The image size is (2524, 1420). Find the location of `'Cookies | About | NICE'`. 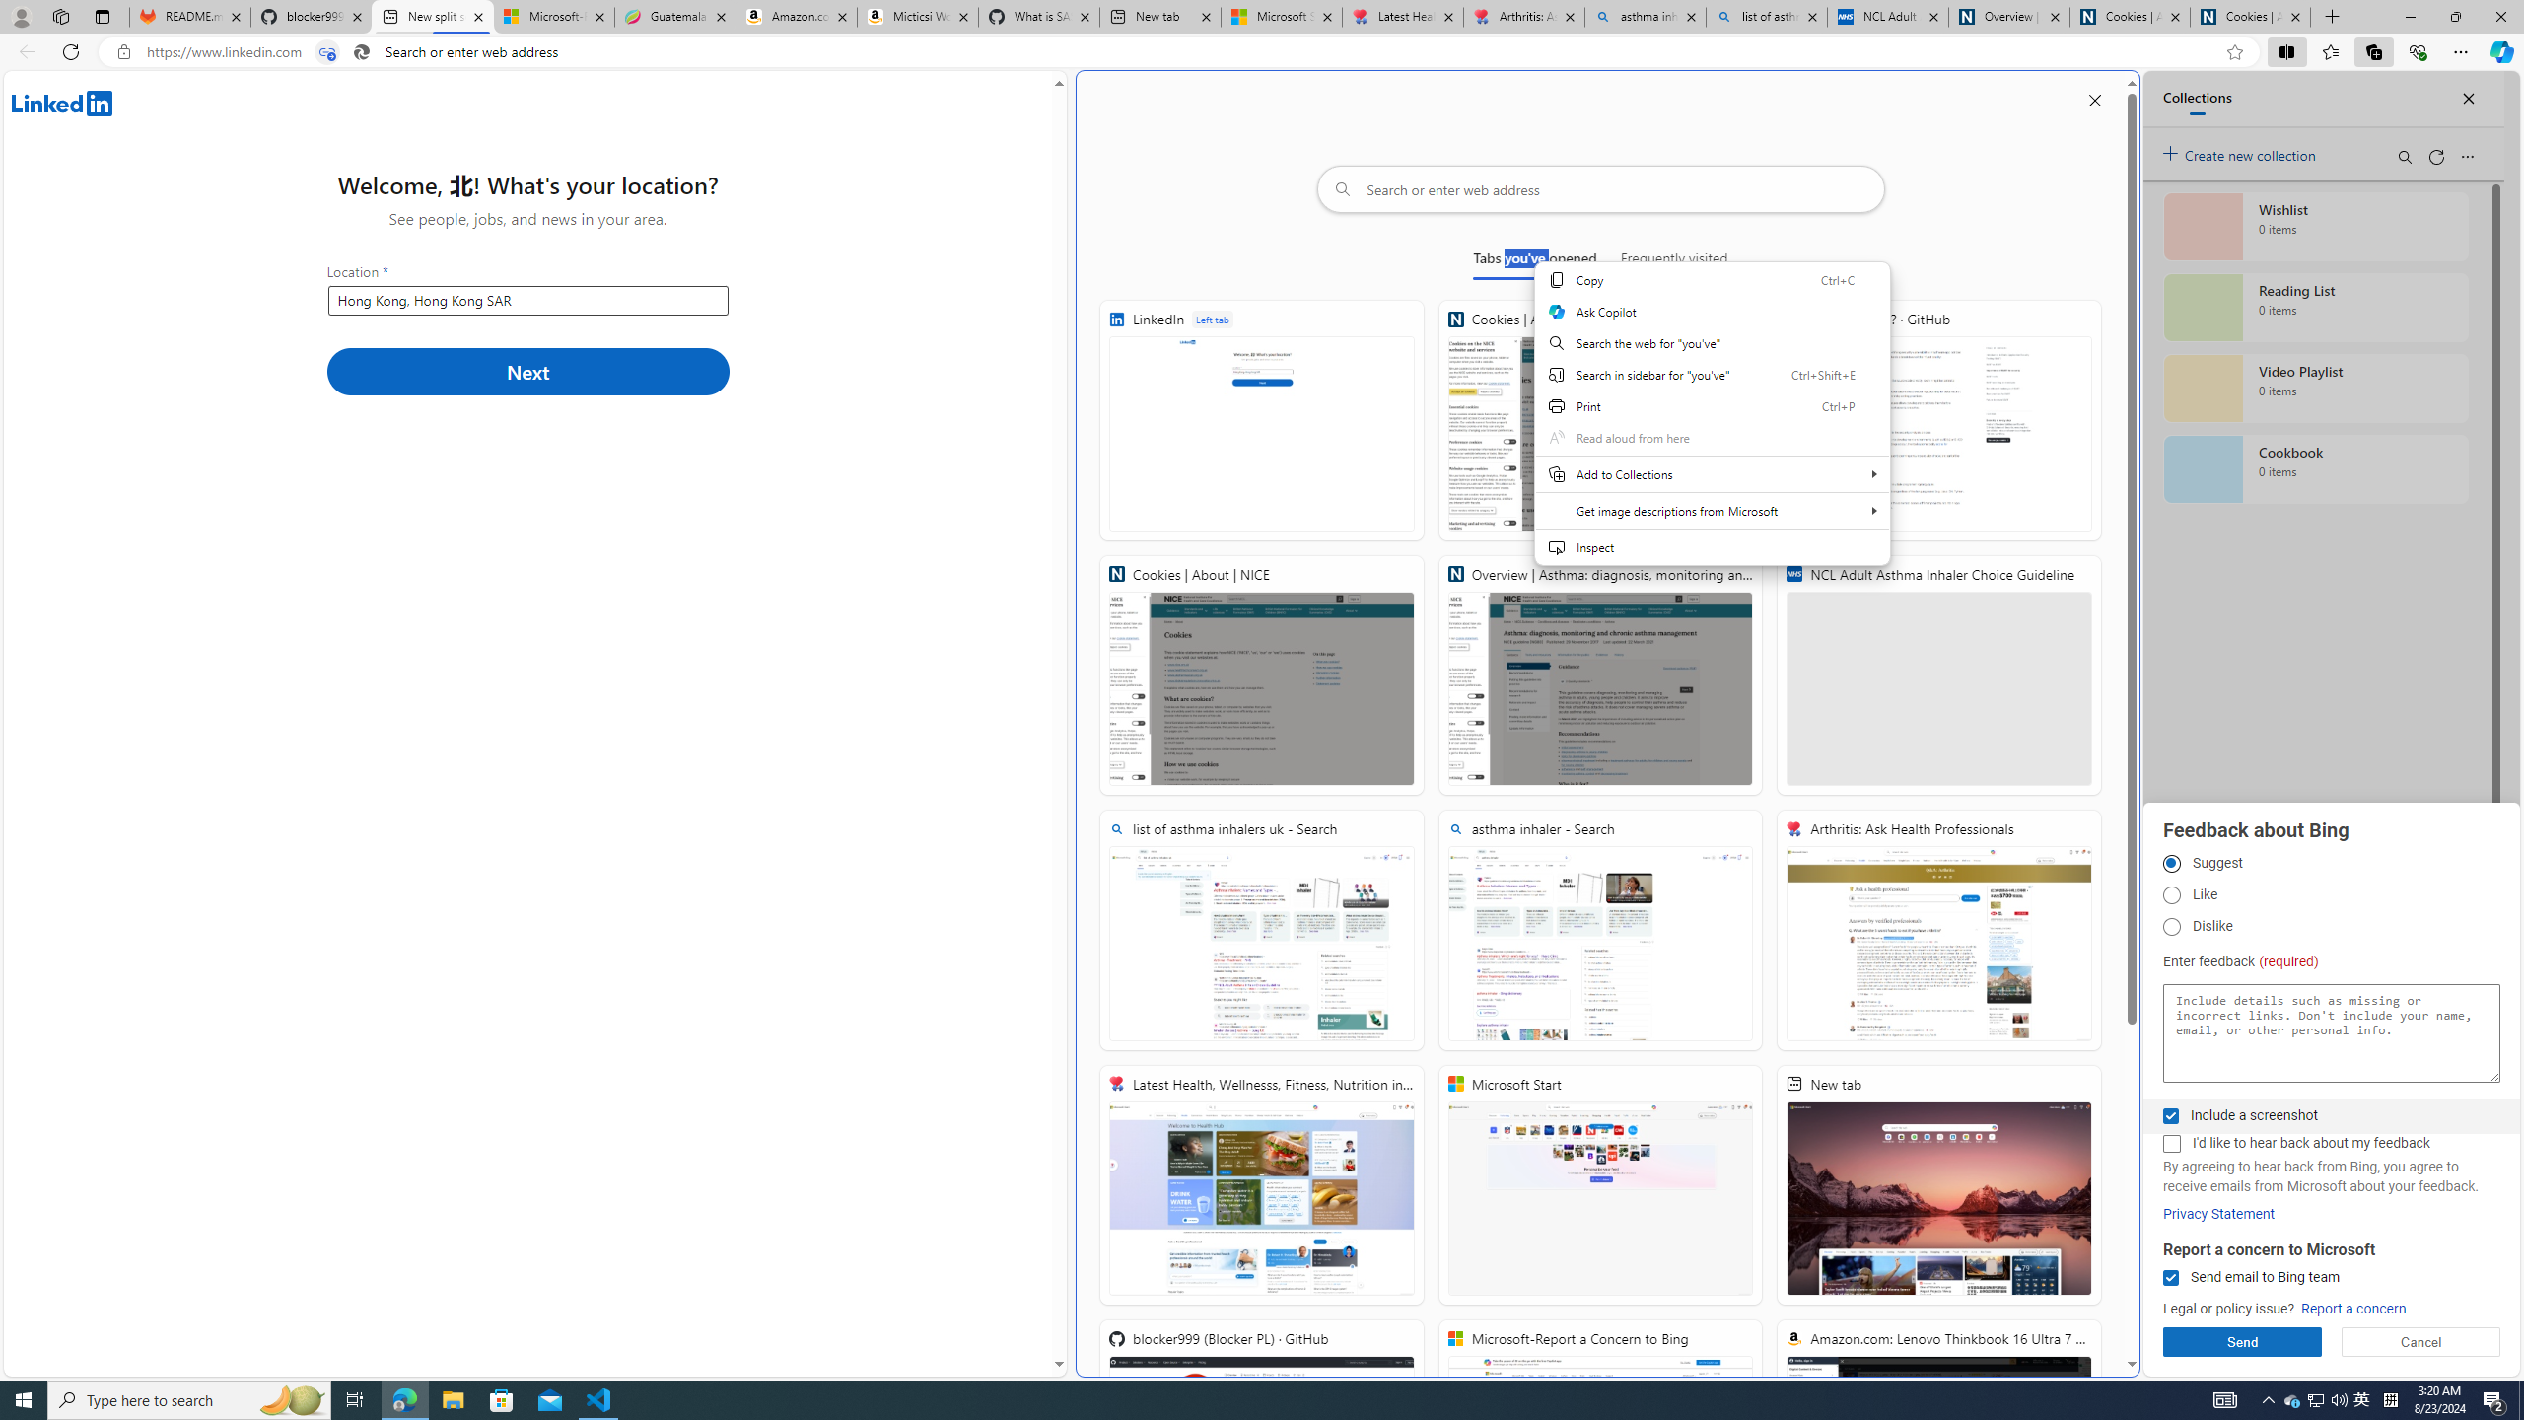

'Cookies | About | NICE' is located at coordinates (1262, 674).